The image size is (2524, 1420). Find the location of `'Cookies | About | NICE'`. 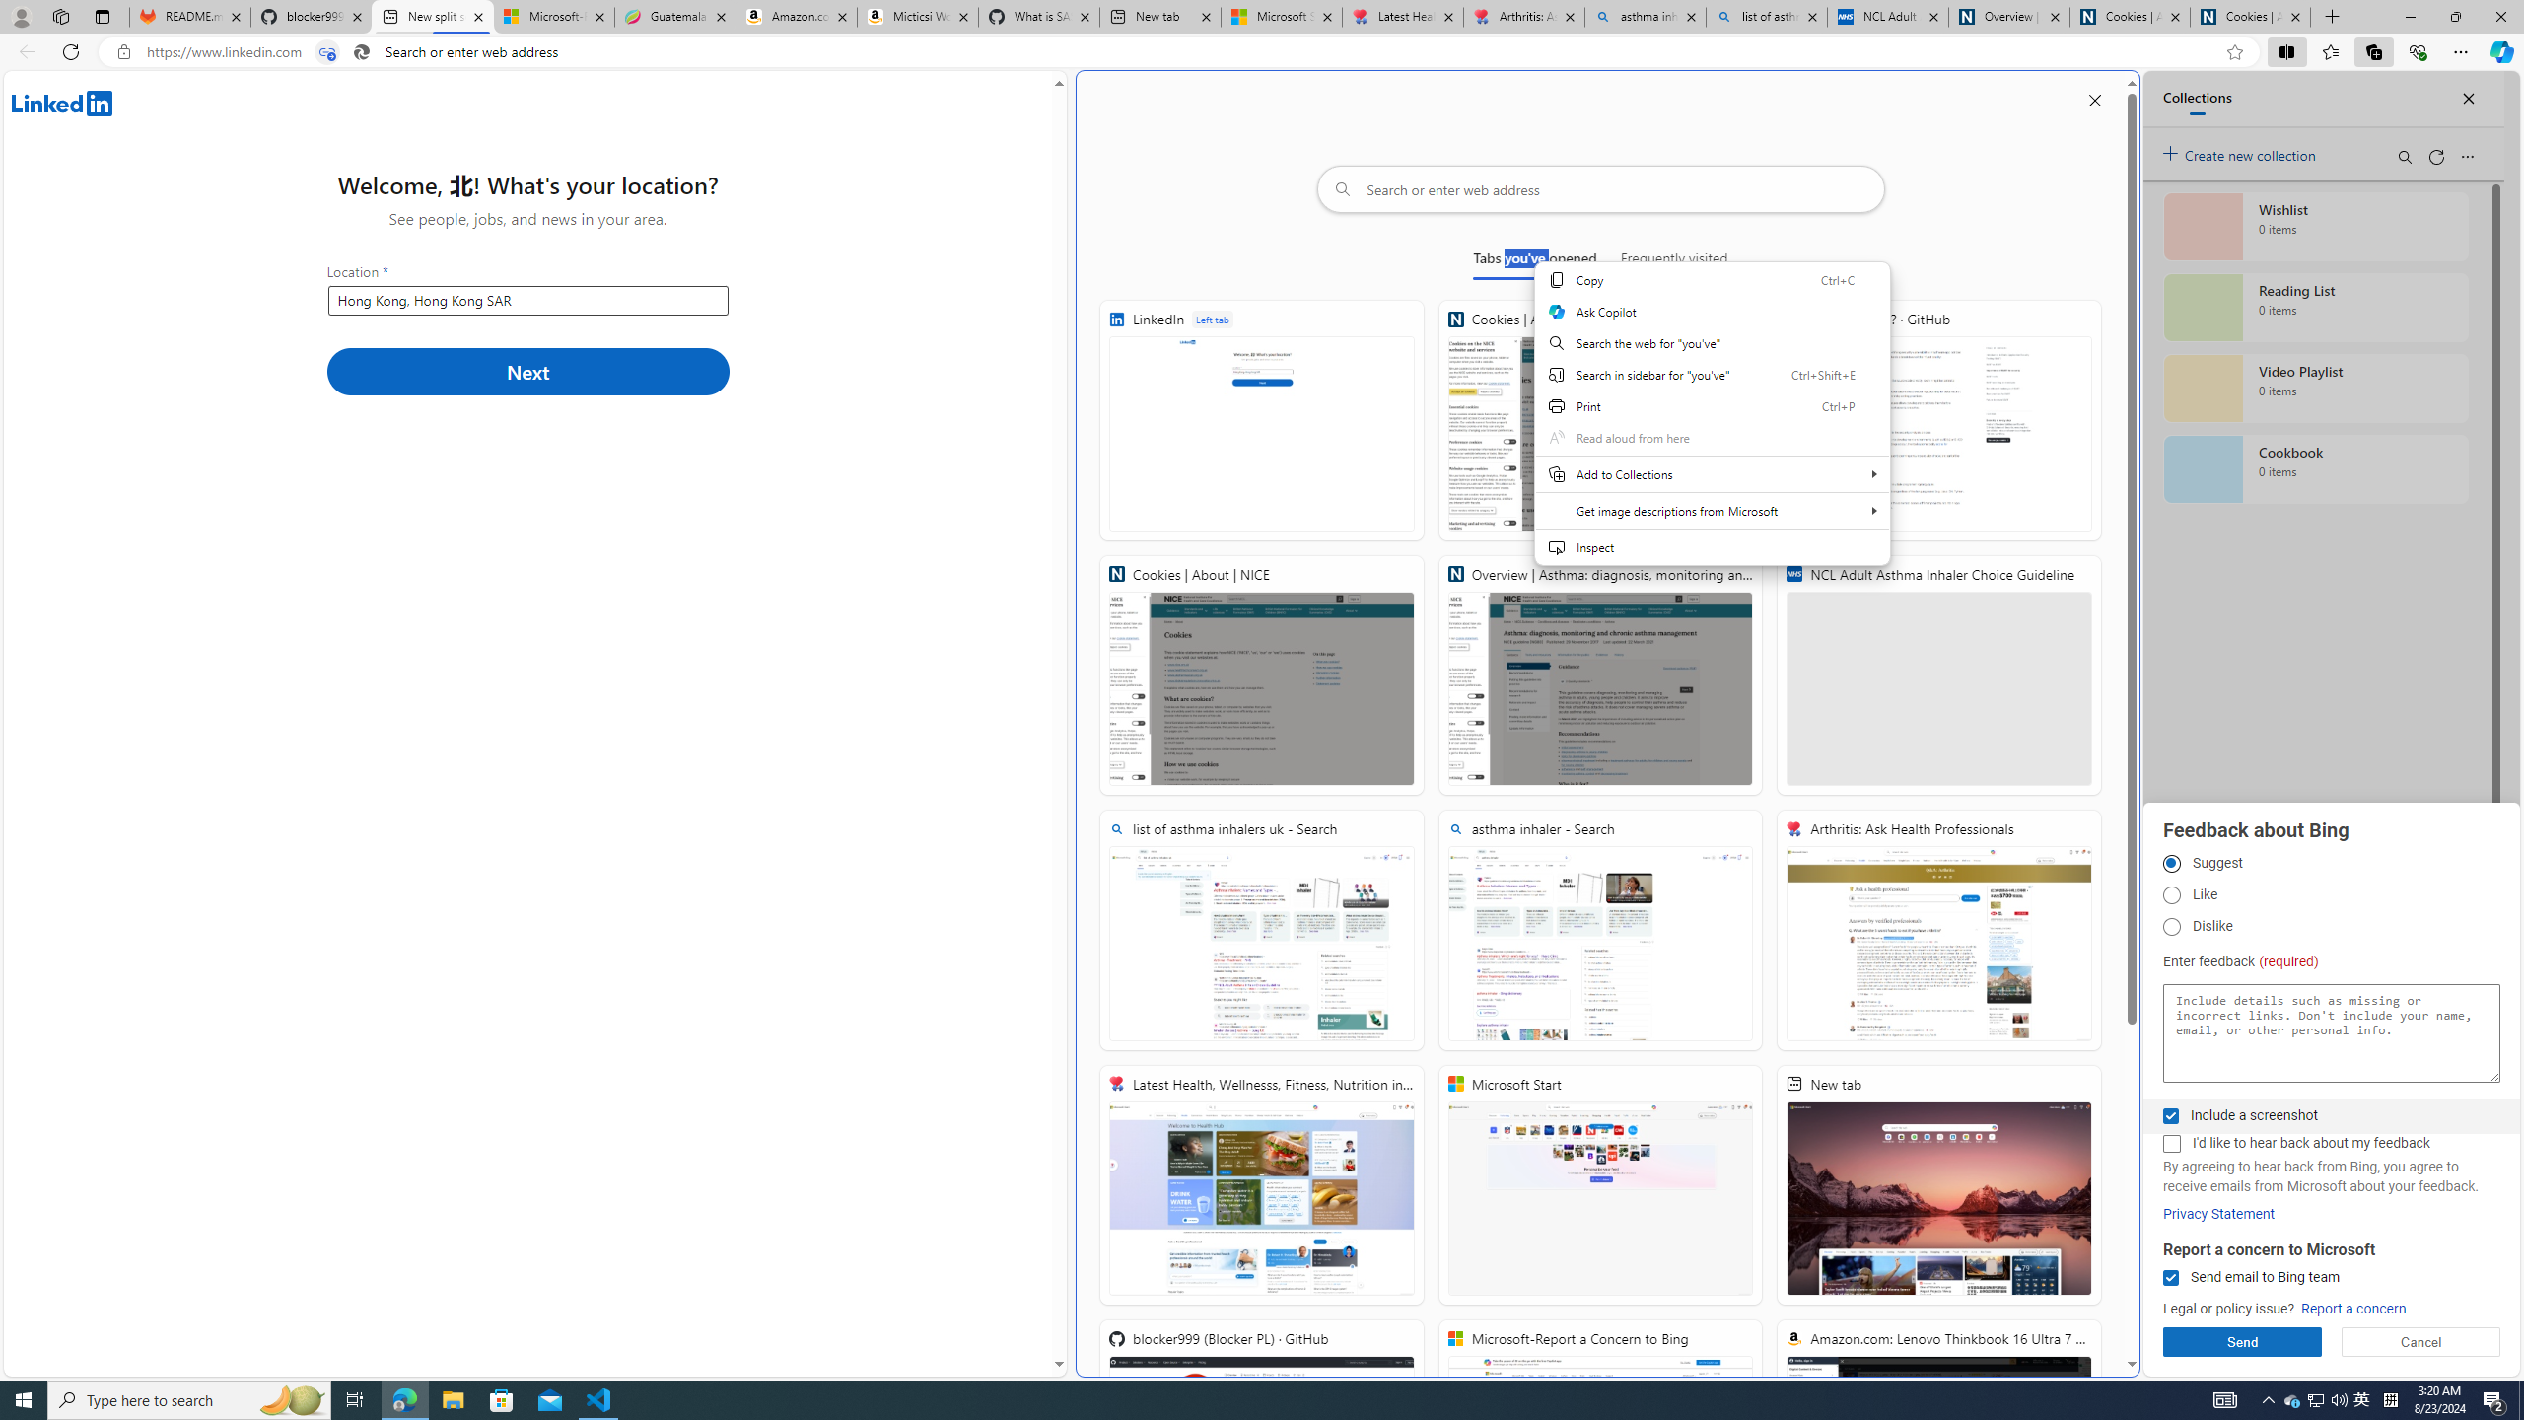

'Cookies | About | NICE' is located at coordinates (1262, 674).